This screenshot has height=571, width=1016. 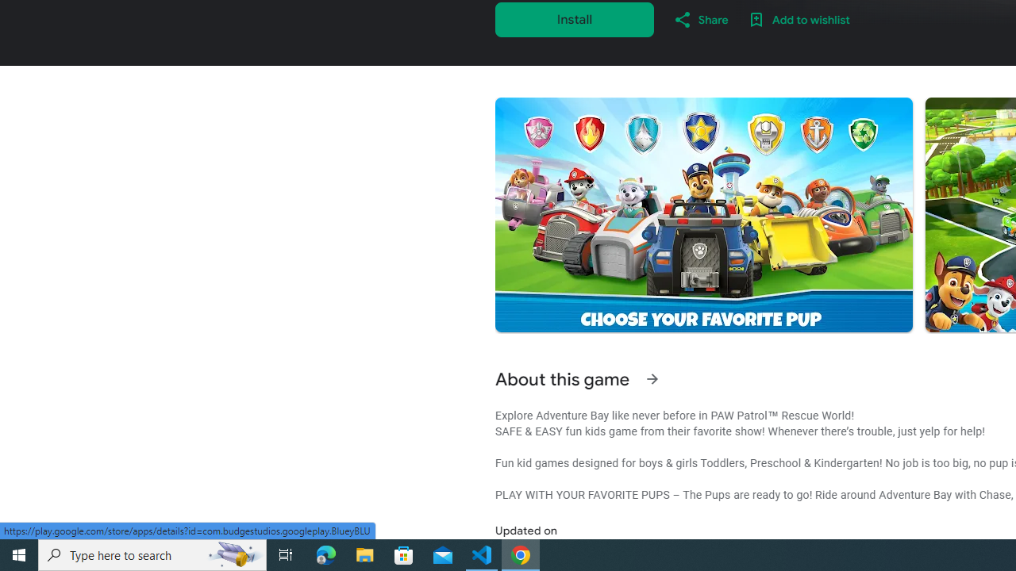 I want to click on 'See more information on About this game', so click(x=652, y=379).